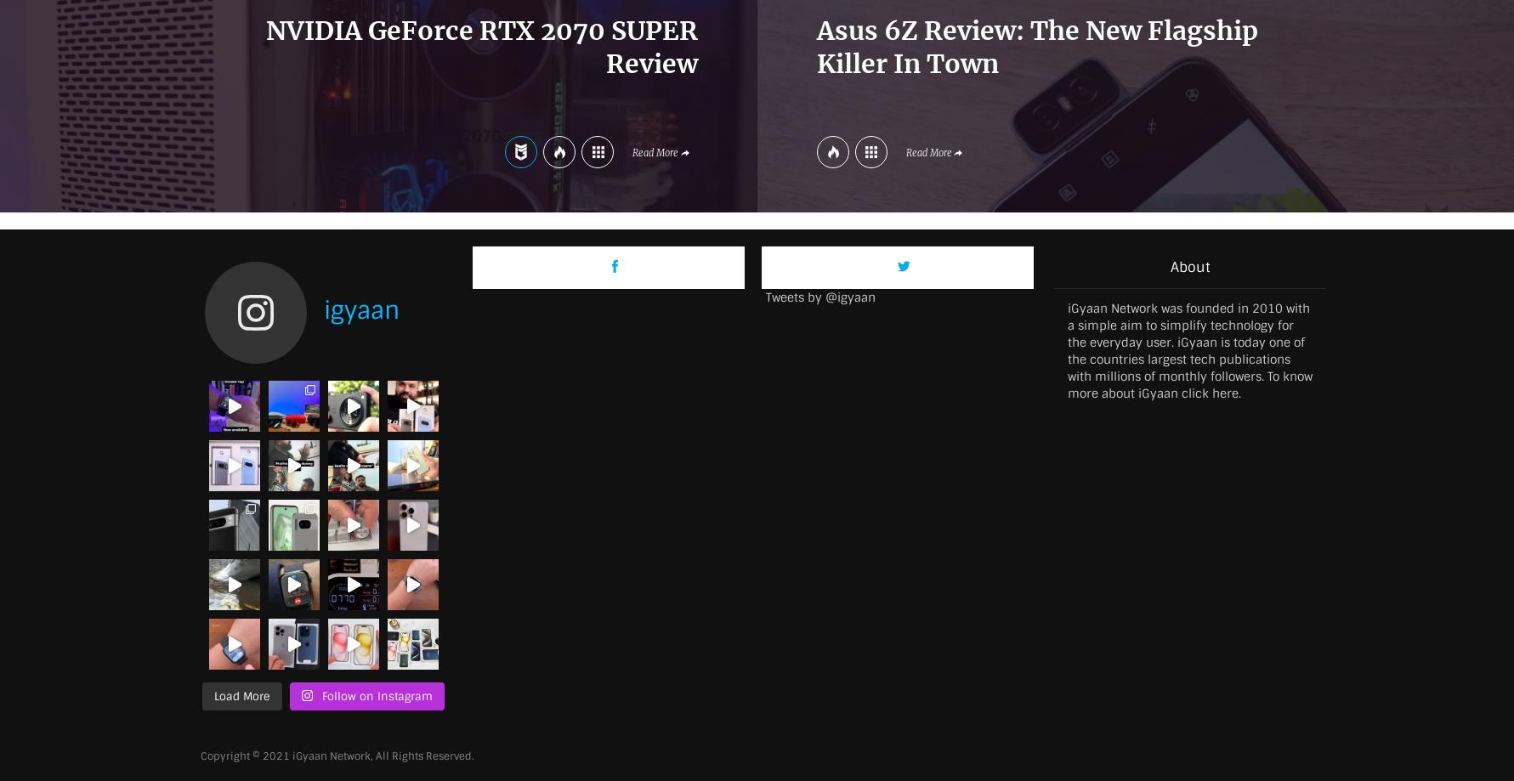  What do you see at coordinates (336, 755) in the screenshot?
I see `'Copyright © 2021 iGyaan Network, All Rights Reserved.'` at bounding box center [336, 755].